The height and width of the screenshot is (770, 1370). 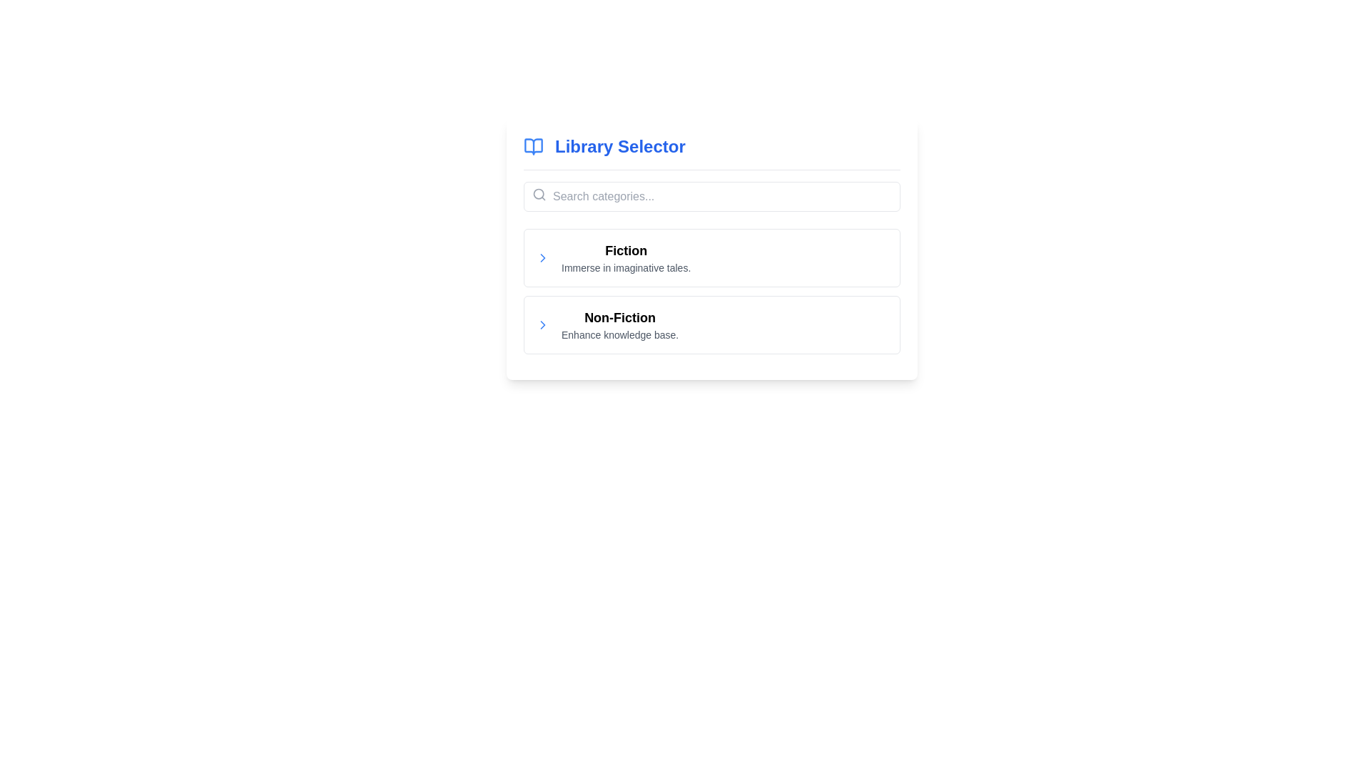 What do you see at coordinates (620, 317) in the screenshot?
I see `the static text label that serves as a category title, located directly below 'Fiction' and above the description text 'Enhance knowledge base'` at bounding box center [620, 317].